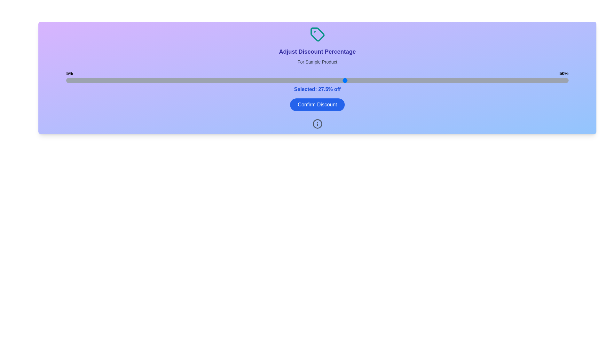  Describe the element at coordinates (317, 124) in the screenshot. I see `the informational or status indicator icon located near the bottom center of the visible area, just underneath the 'Confirm Discount' button` at that location.